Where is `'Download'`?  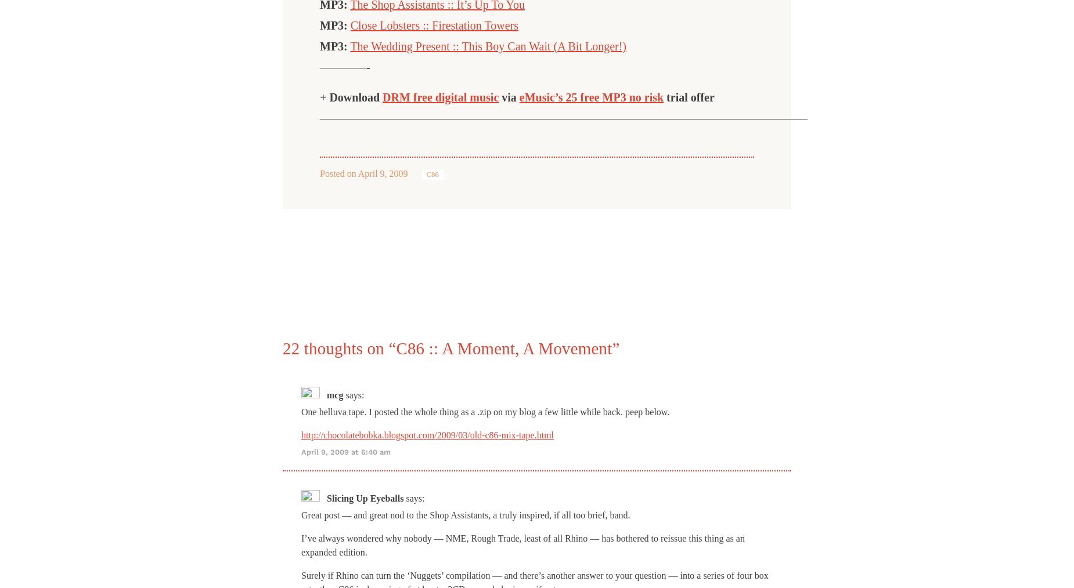 'Download' is located at coordinates (356, 97).